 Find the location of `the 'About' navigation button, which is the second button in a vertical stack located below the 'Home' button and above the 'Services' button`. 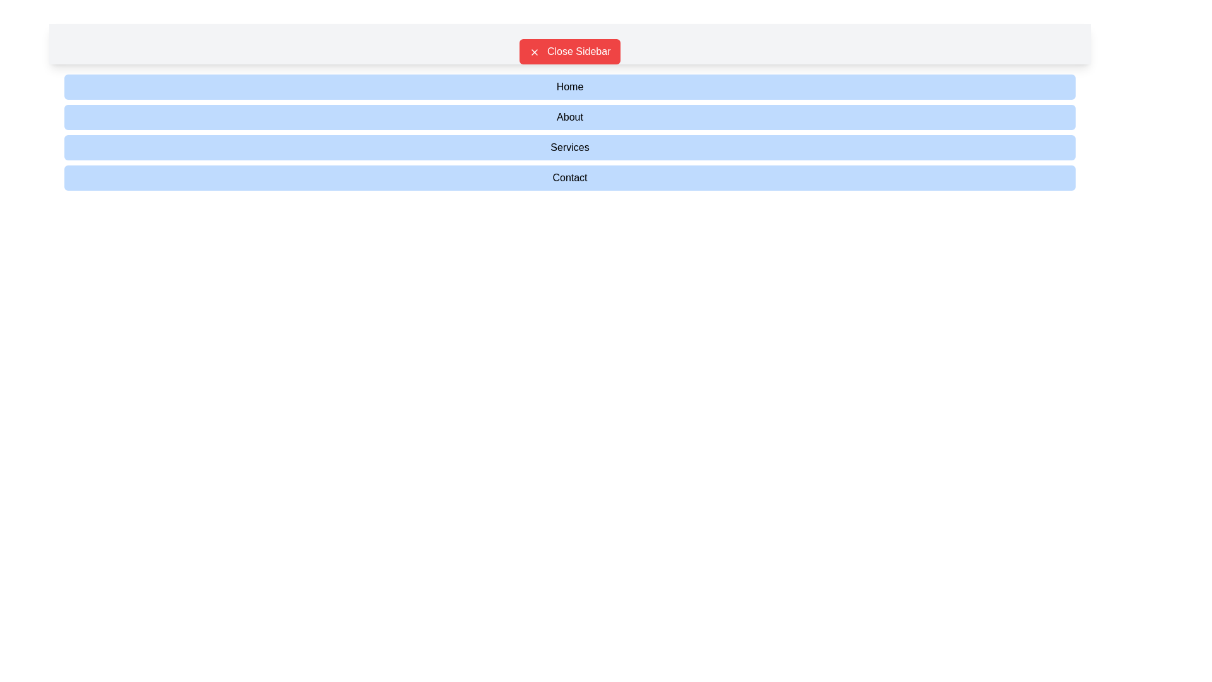

the 'About' navigation button, which is the second button in a vertical stack located below the 'Home' button and above the 'Services' button is located at coordinates (569, 117).